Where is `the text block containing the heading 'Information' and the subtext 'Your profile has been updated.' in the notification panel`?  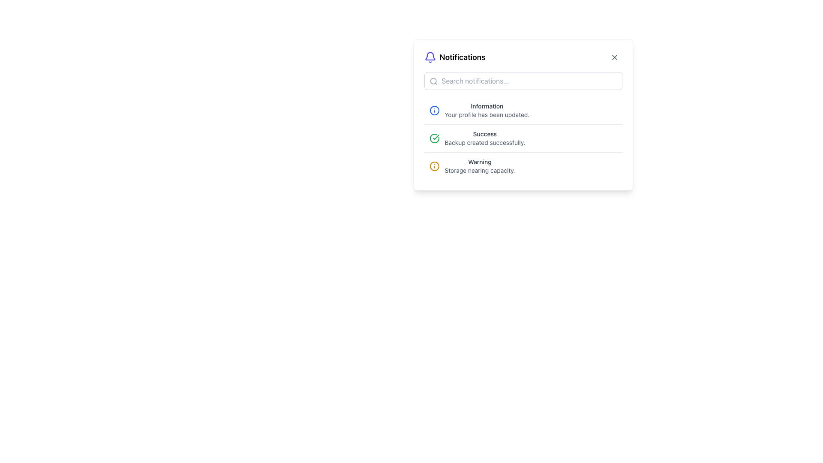
the text block containing the heading 'Information' and the subtext 'Your profile has been updated.' in the notification panel is located at coordinates (487, 110).